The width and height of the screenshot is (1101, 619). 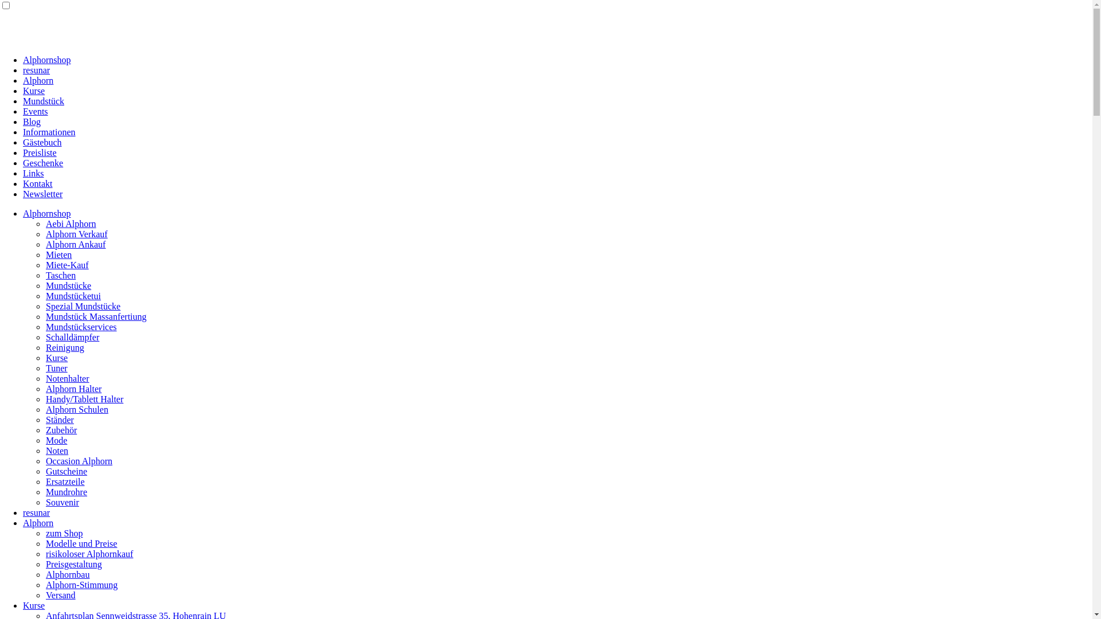 I want to click on 'Links', so click(x=33, y=173).